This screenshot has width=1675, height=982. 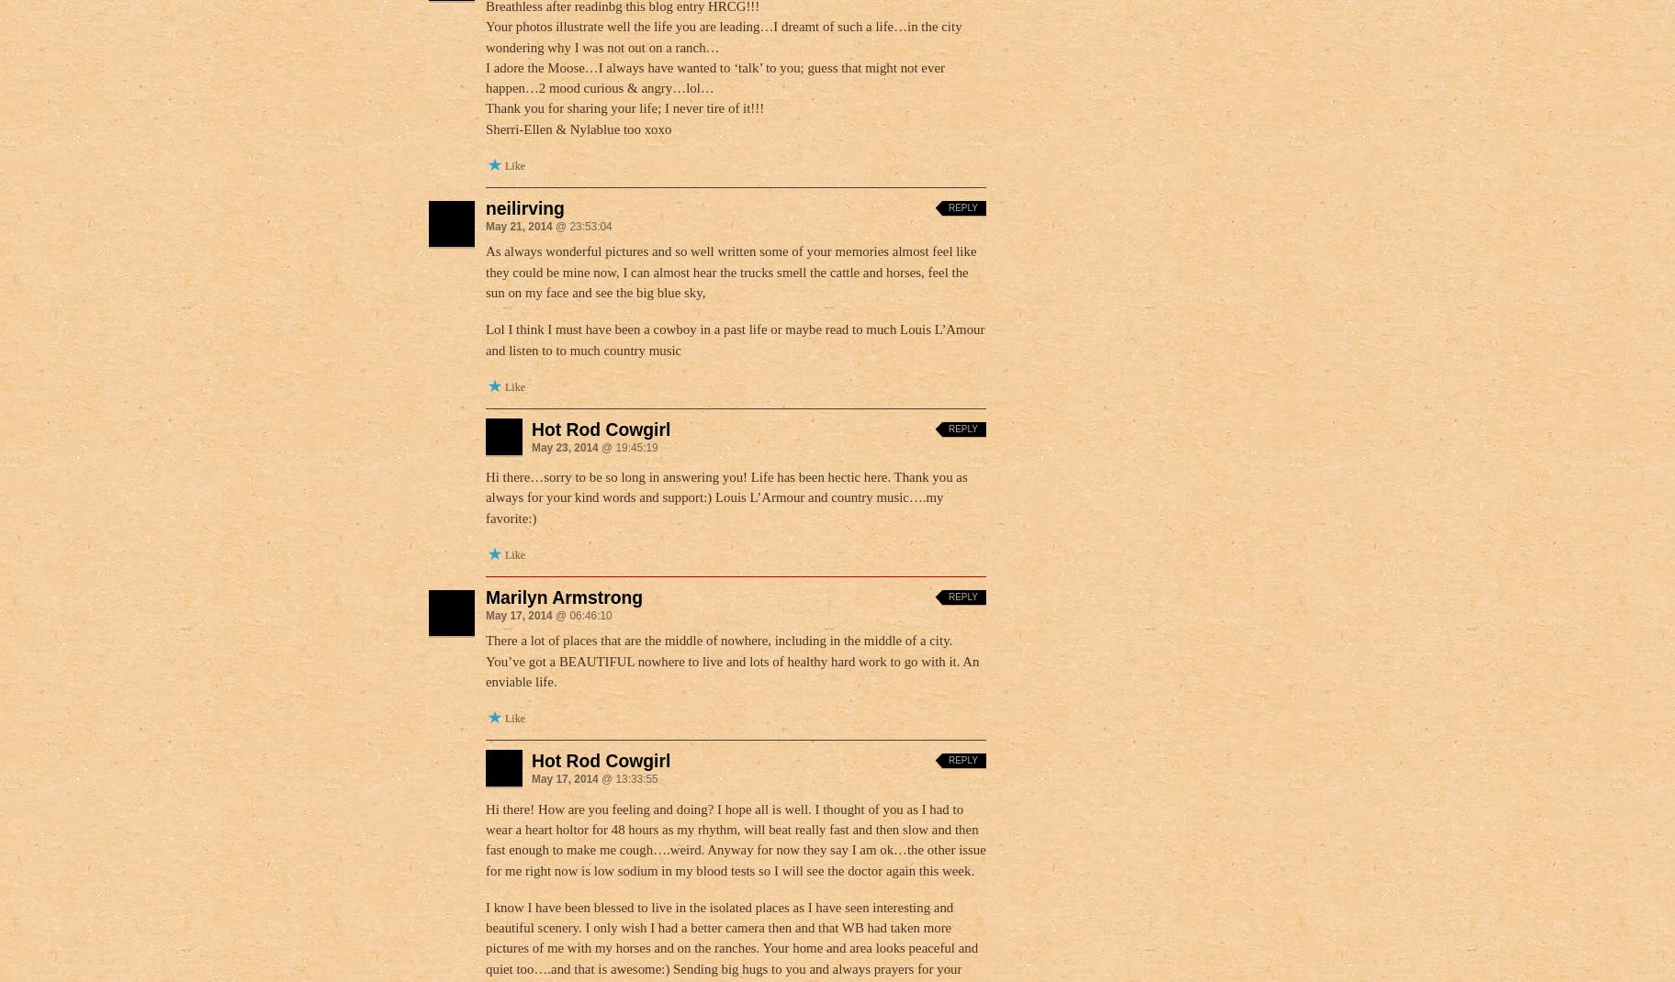 I want to click on 'As always wonderful pictures and so well written some of your memories almost feel like they could be mine now, I can almost hear the trucks smell the cattle and horses, feel the sun on my face and see the big blue sky,', so click(x=730, y=272).